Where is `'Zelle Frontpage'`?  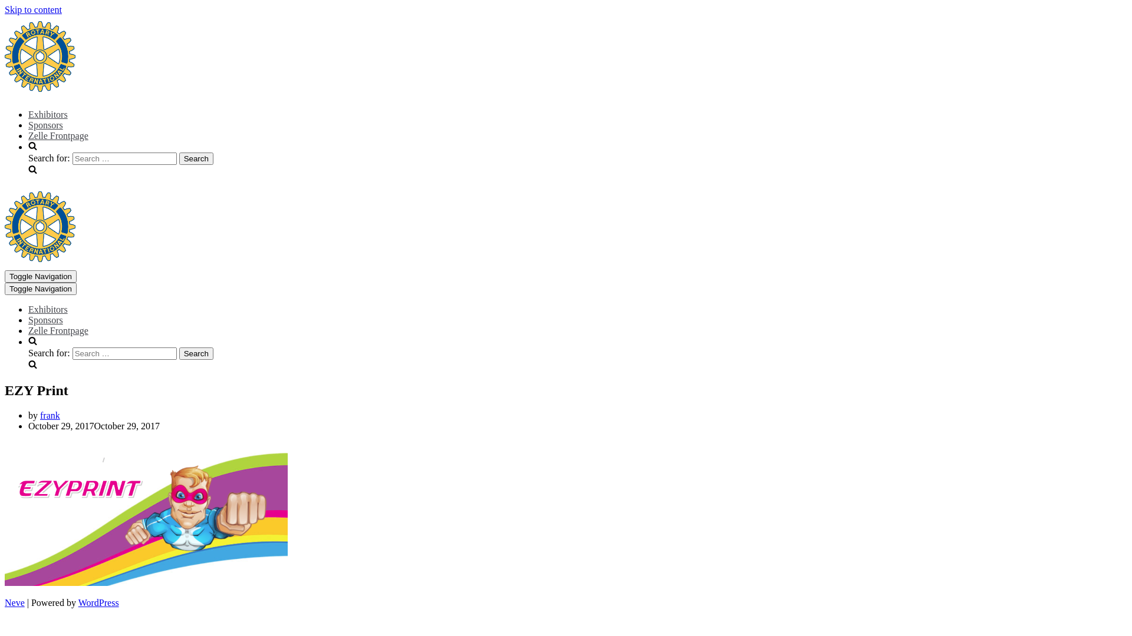
'Zelle Frontpage' is located at coordinates (28, 135).